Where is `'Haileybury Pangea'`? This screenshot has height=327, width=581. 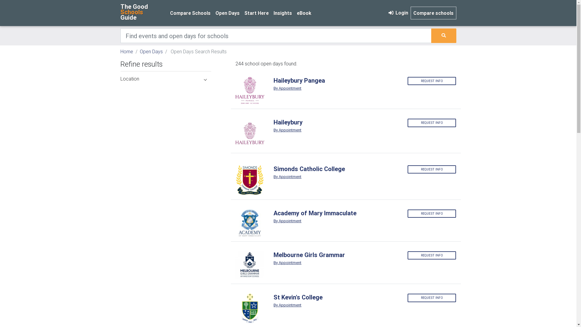
'Haileybury Pangea' is located at coordinates (336, 80).